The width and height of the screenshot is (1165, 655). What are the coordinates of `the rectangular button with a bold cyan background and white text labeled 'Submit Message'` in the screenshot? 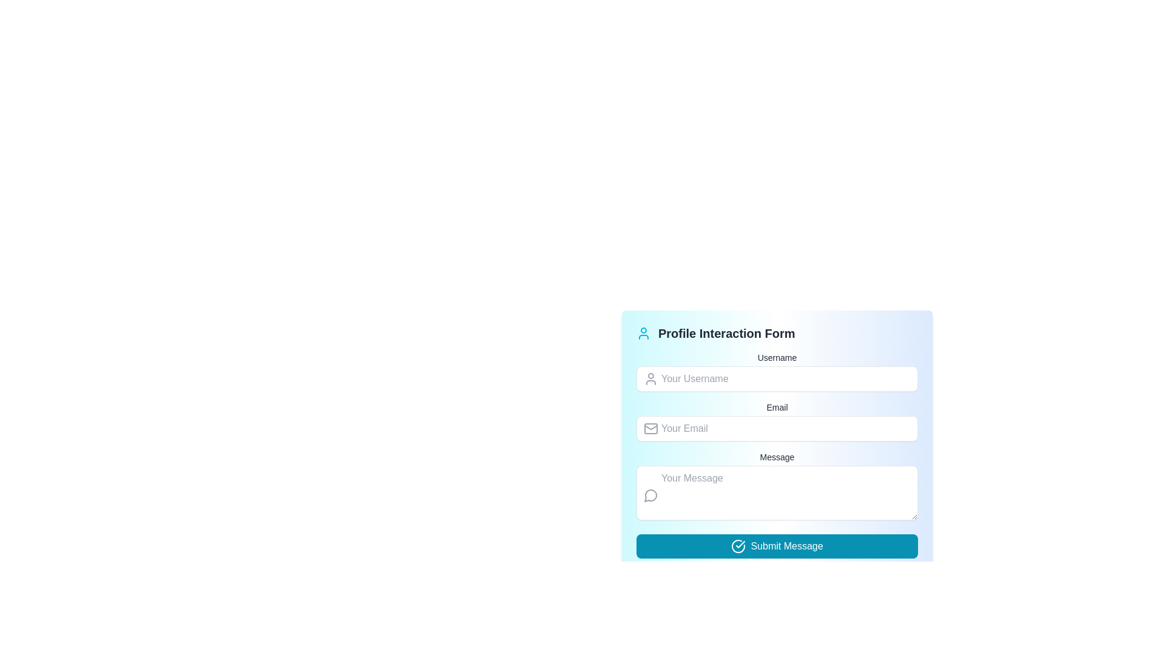 It's located at (777, 546).